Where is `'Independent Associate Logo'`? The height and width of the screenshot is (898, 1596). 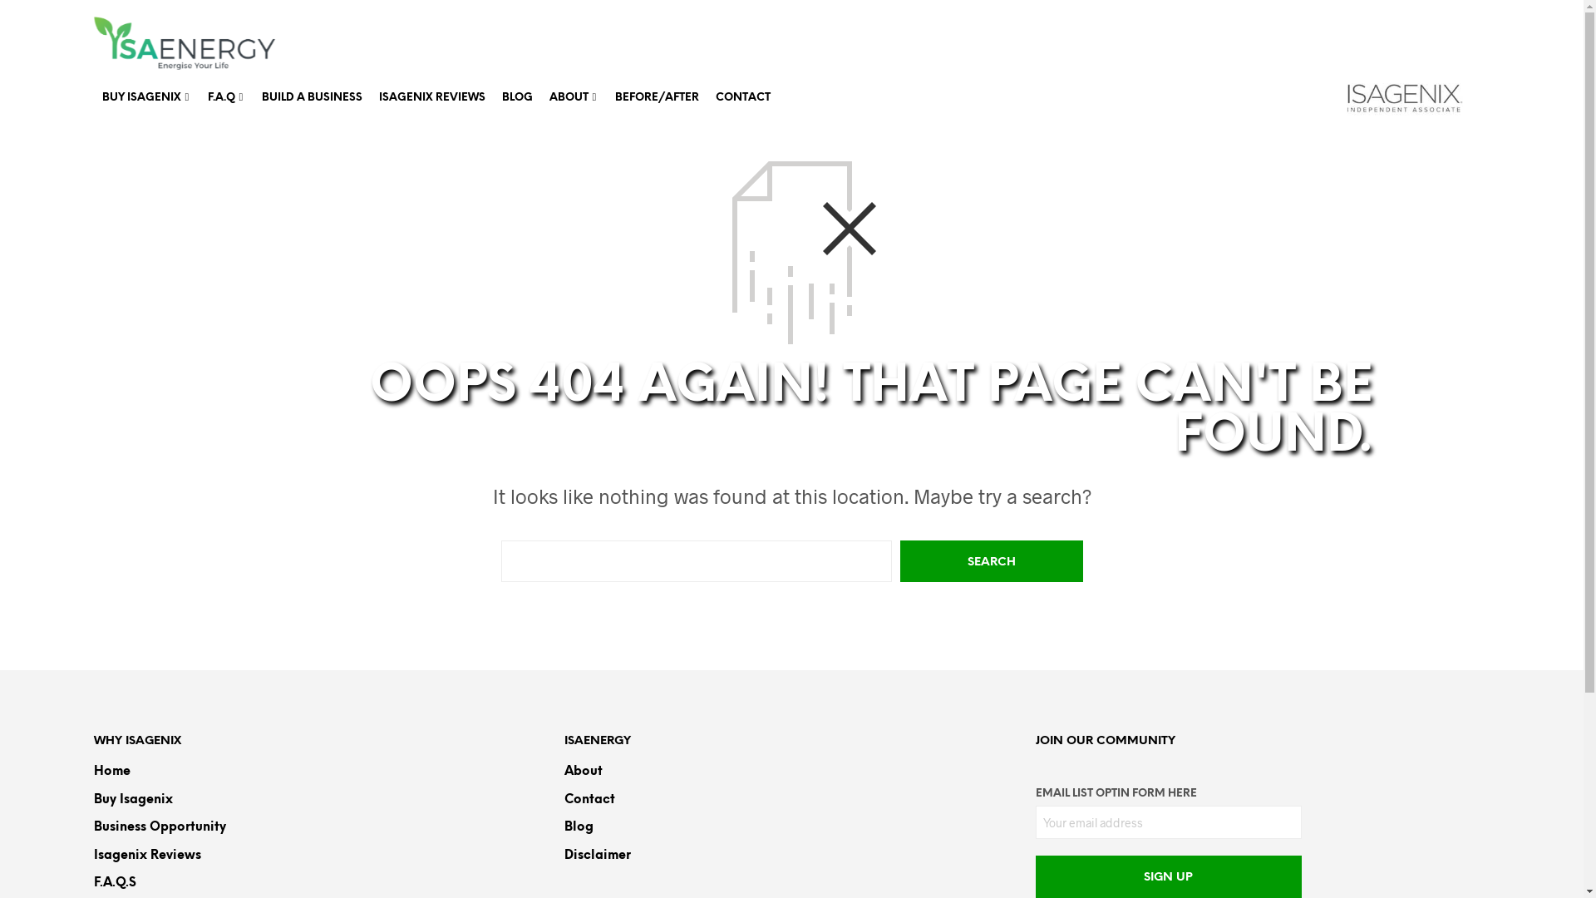 'Independent Associate Logo' is located at coordinates (1403, 98).